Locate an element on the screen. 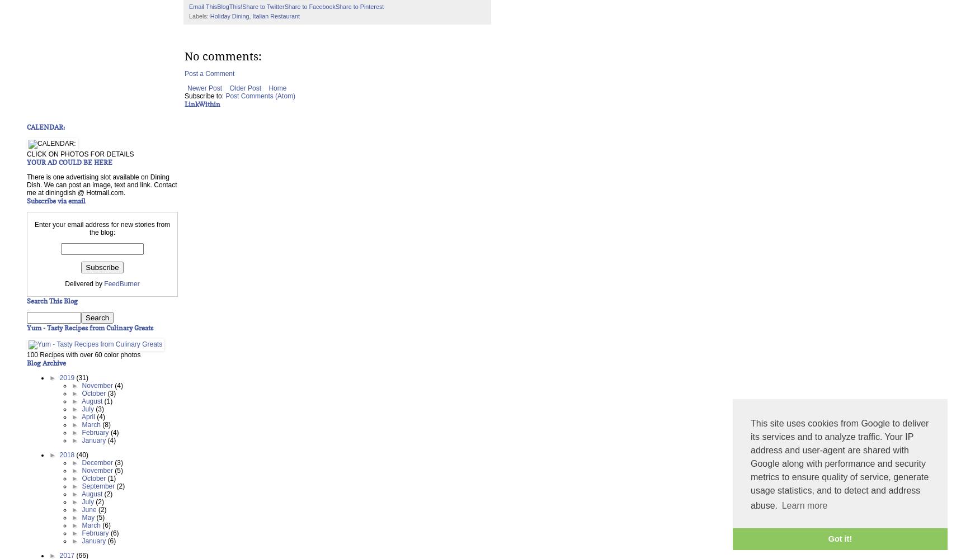 The width and height of the screenshot is (961, 559). 'Enter your email address for new stories from the blog:' is located at coordinates (101, 229).